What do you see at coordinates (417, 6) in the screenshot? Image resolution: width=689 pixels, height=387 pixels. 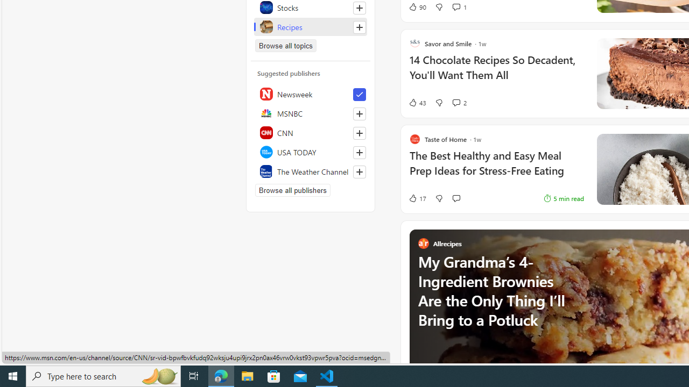 I see `'90 Like'` at bounding box center [417, 6].